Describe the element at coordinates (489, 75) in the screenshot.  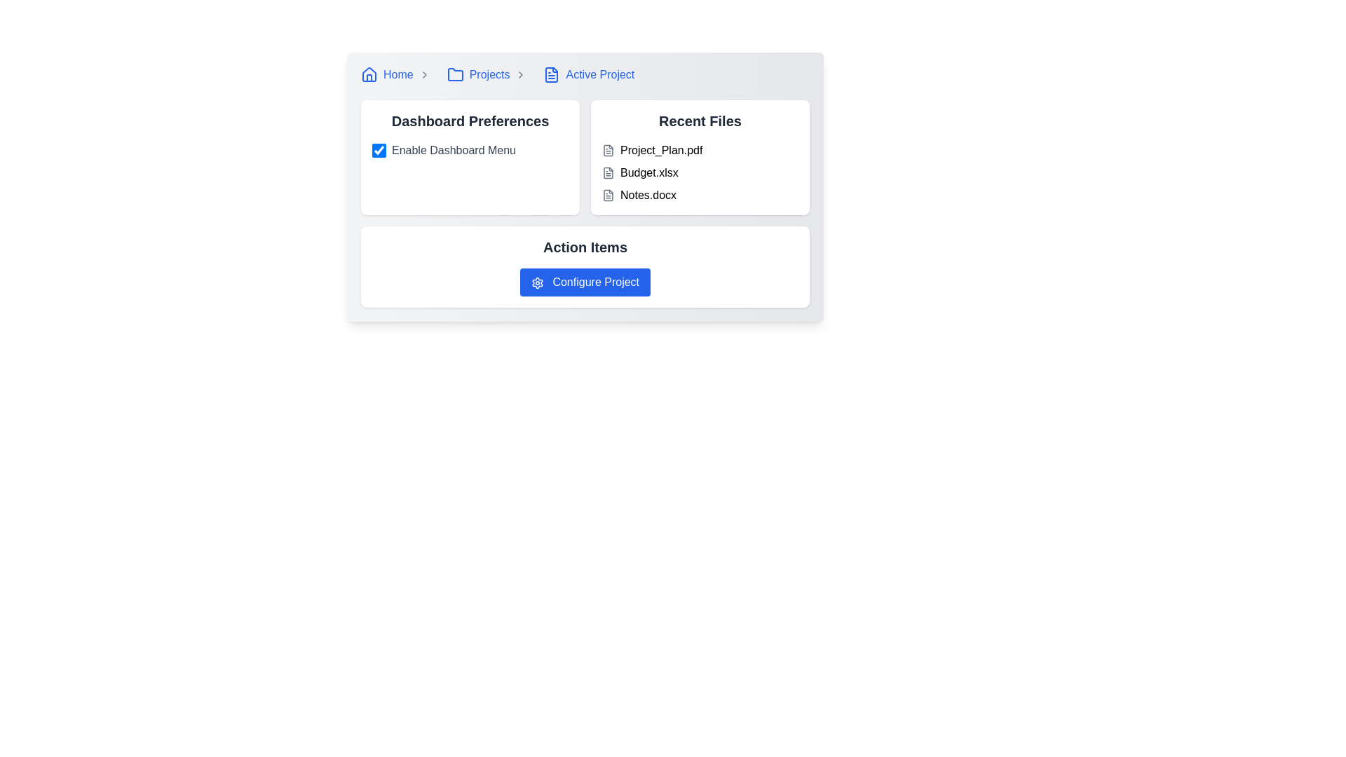
I see `the 'Projects' text label in the breadcrumb navigation bar, which is styled in blue and displays the word 'Projects' in medium font, located next to a folder icon and followed by a chevron and 'Active Project'` at that location.